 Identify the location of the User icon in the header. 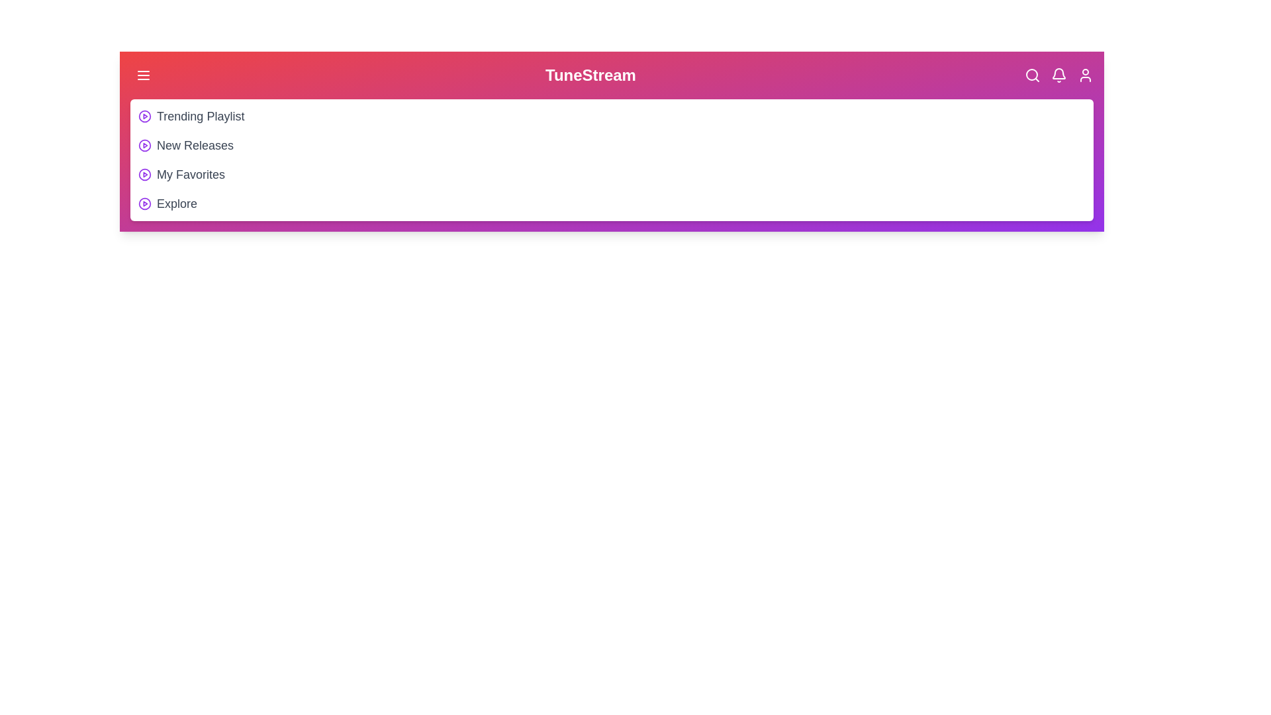
(1086, 75).